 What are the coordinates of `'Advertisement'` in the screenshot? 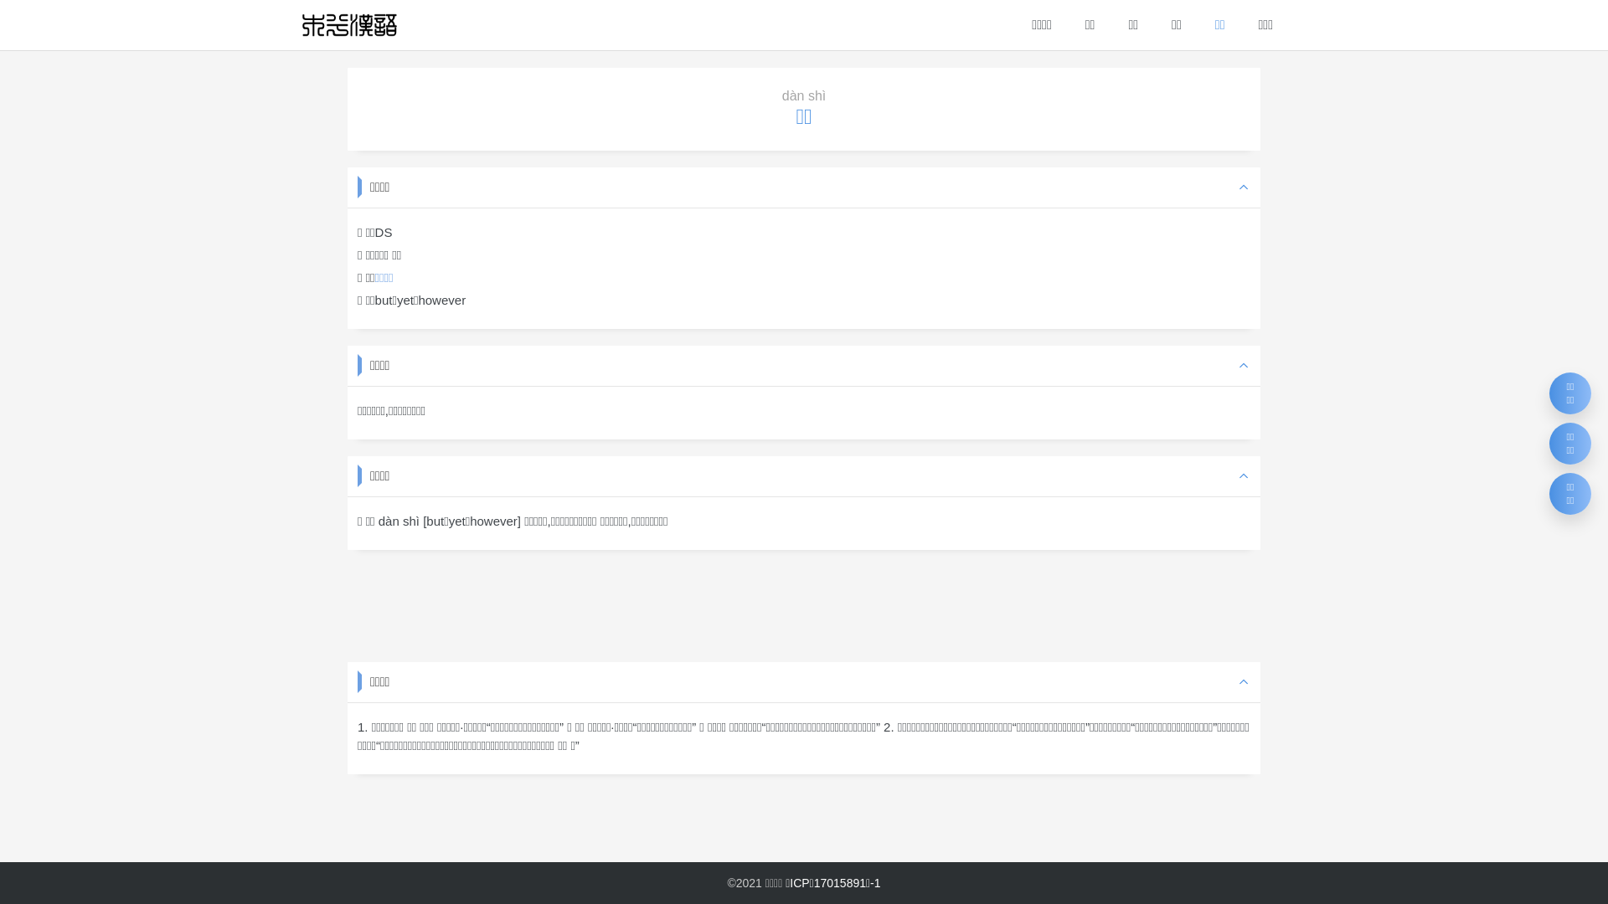 It's located at (804, 604).